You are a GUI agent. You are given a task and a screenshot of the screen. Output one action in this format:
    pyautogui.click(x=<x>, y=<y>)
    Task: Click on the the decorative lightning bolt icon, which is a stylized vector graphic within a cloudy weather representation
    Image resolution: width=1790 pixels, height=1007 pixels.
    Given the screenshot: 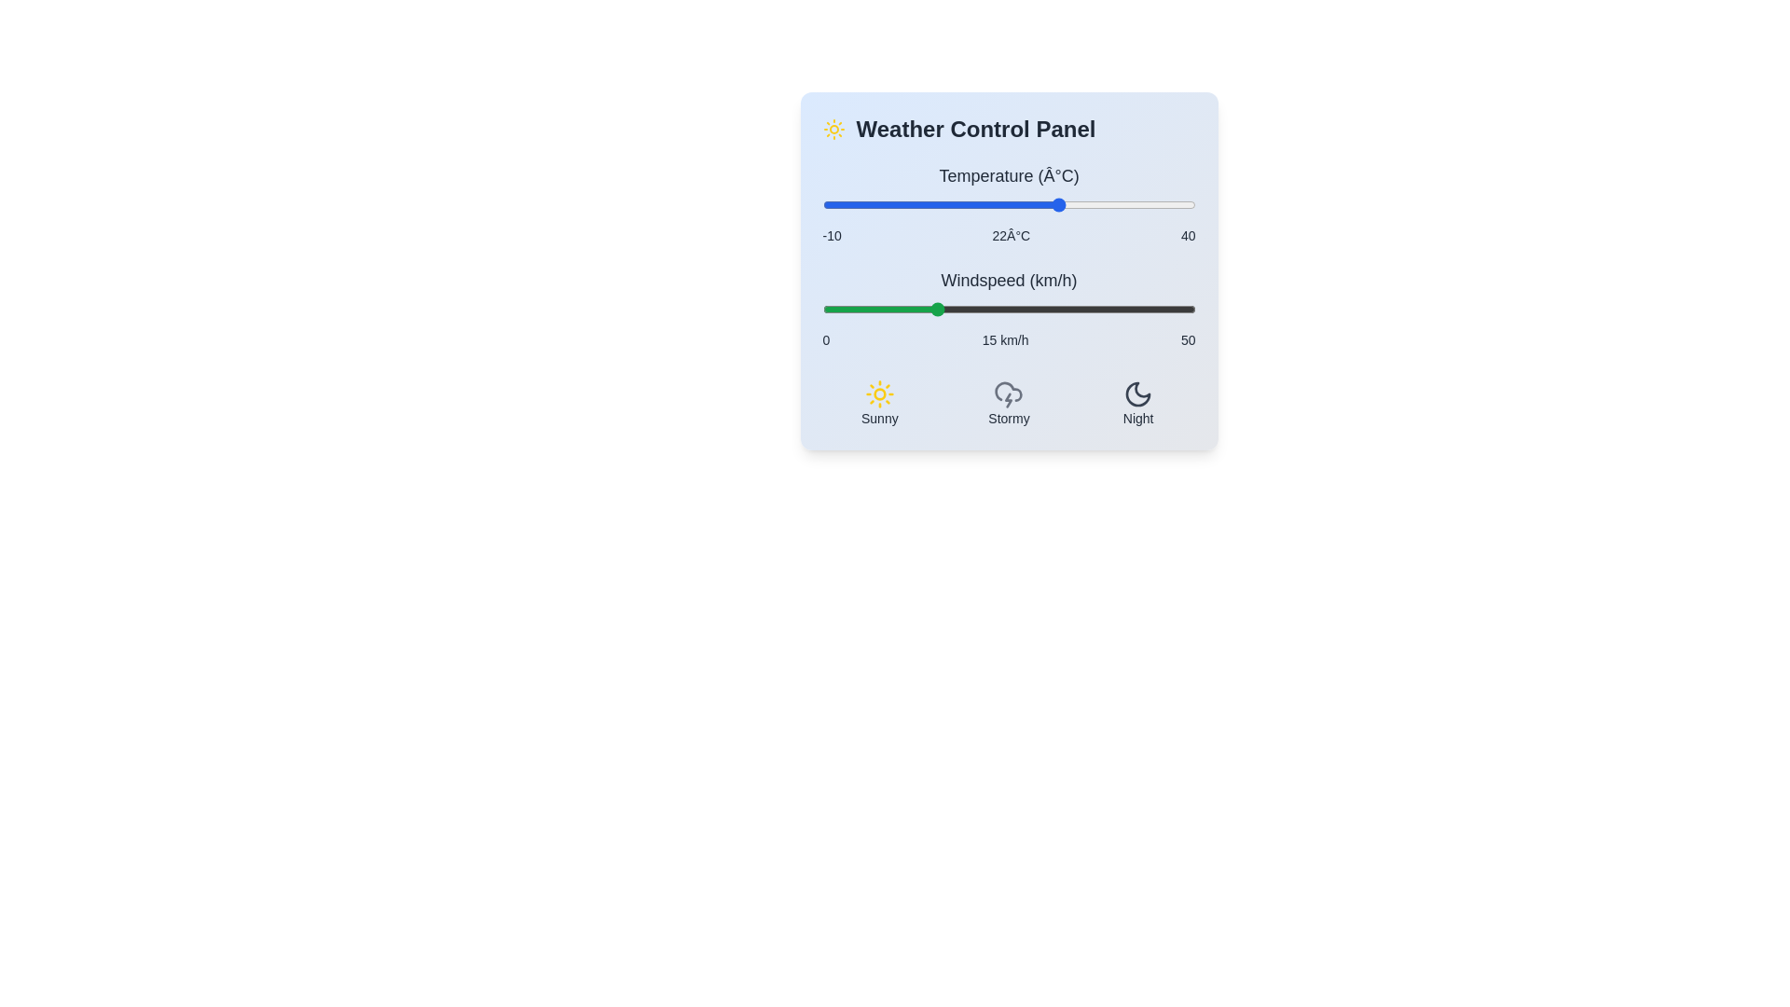 What is the action you would take?
    pyautogui.click(x=1008, y=399)
    